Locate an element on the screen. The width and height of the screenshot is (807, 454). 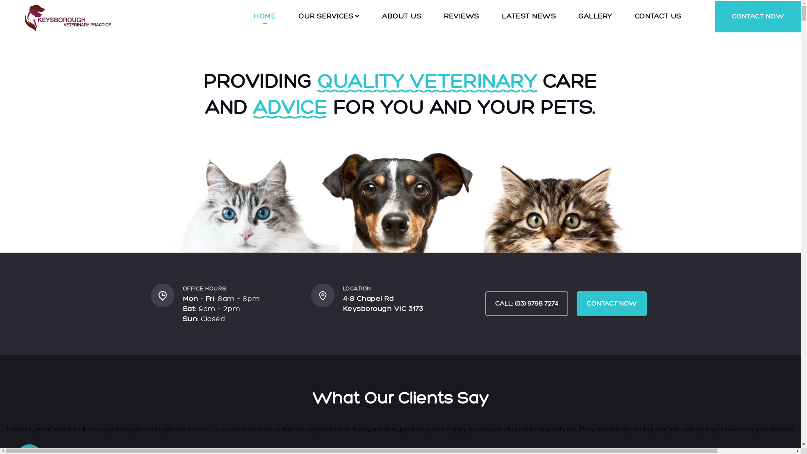
'CONTACT US' is located at coordinates (657, 16).